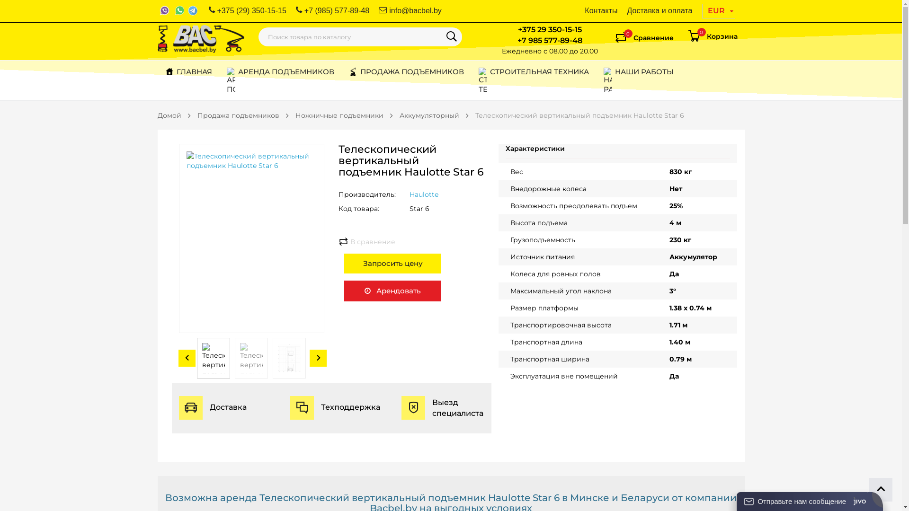 Image resolution: width=909 pixels, height=511 pixels. What do you see at coordinates (423, 194) in the screenshot?
I see `'Haulotte'` at bounding box center [423, 194].